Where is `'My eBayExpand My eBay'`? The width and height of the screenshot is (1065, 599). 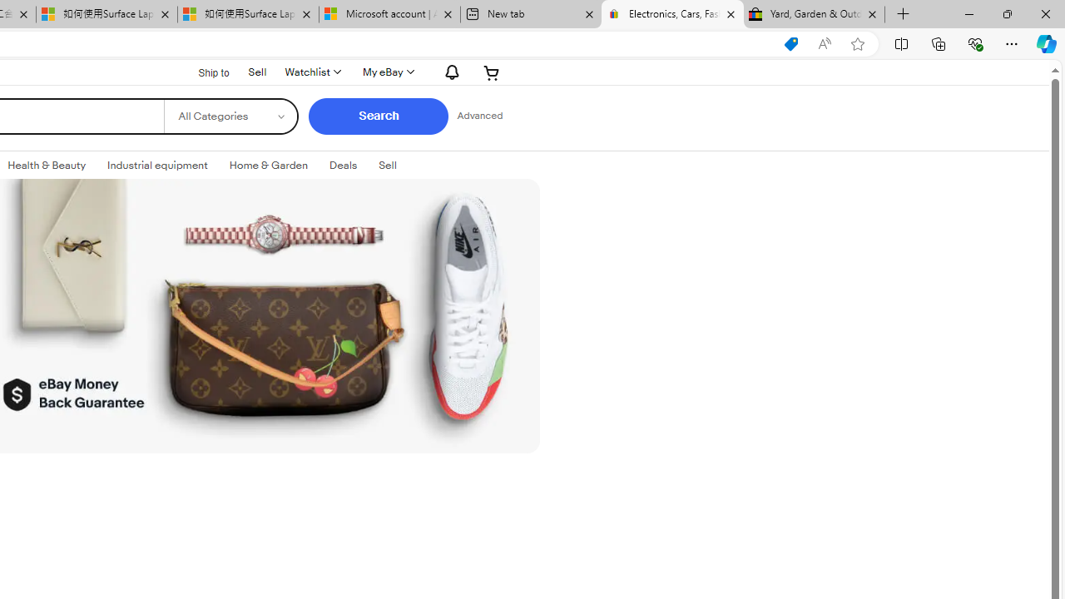
'My eBayExpand My eBay' is located at coordinates (386, 72).